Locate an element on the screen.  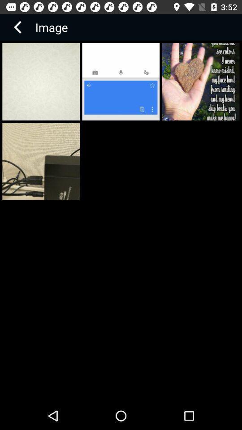
the item to the left of the image is located at coordinates (17, 27).